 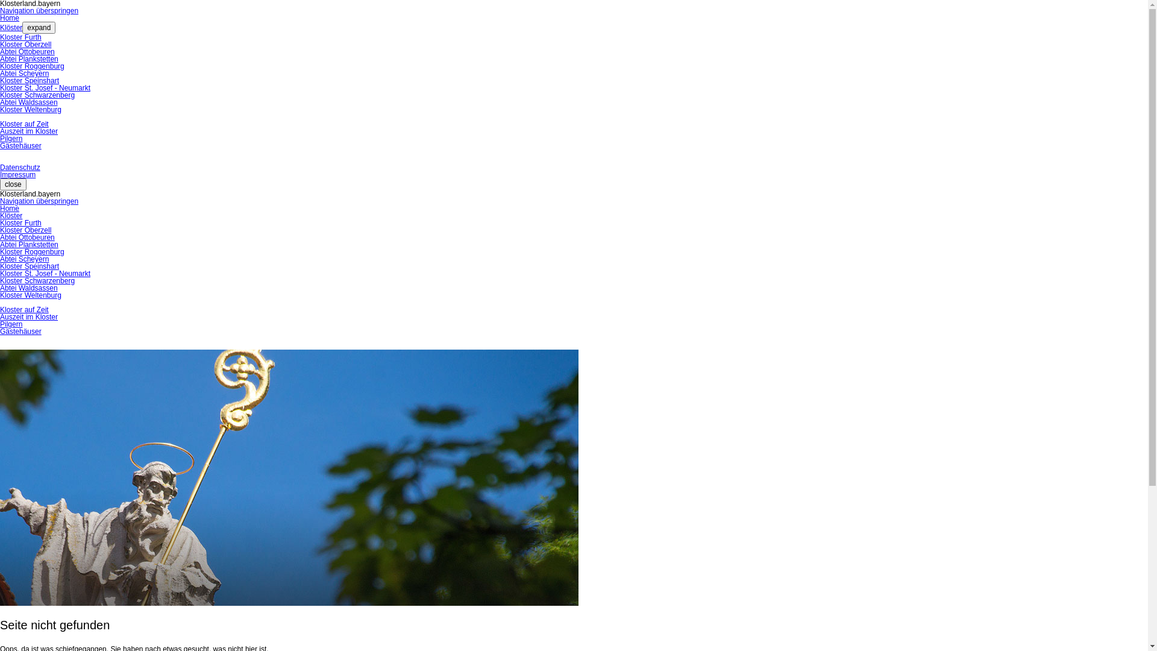 I want to click on 'Auszeit im Kloster', so click(x=29, y=131).